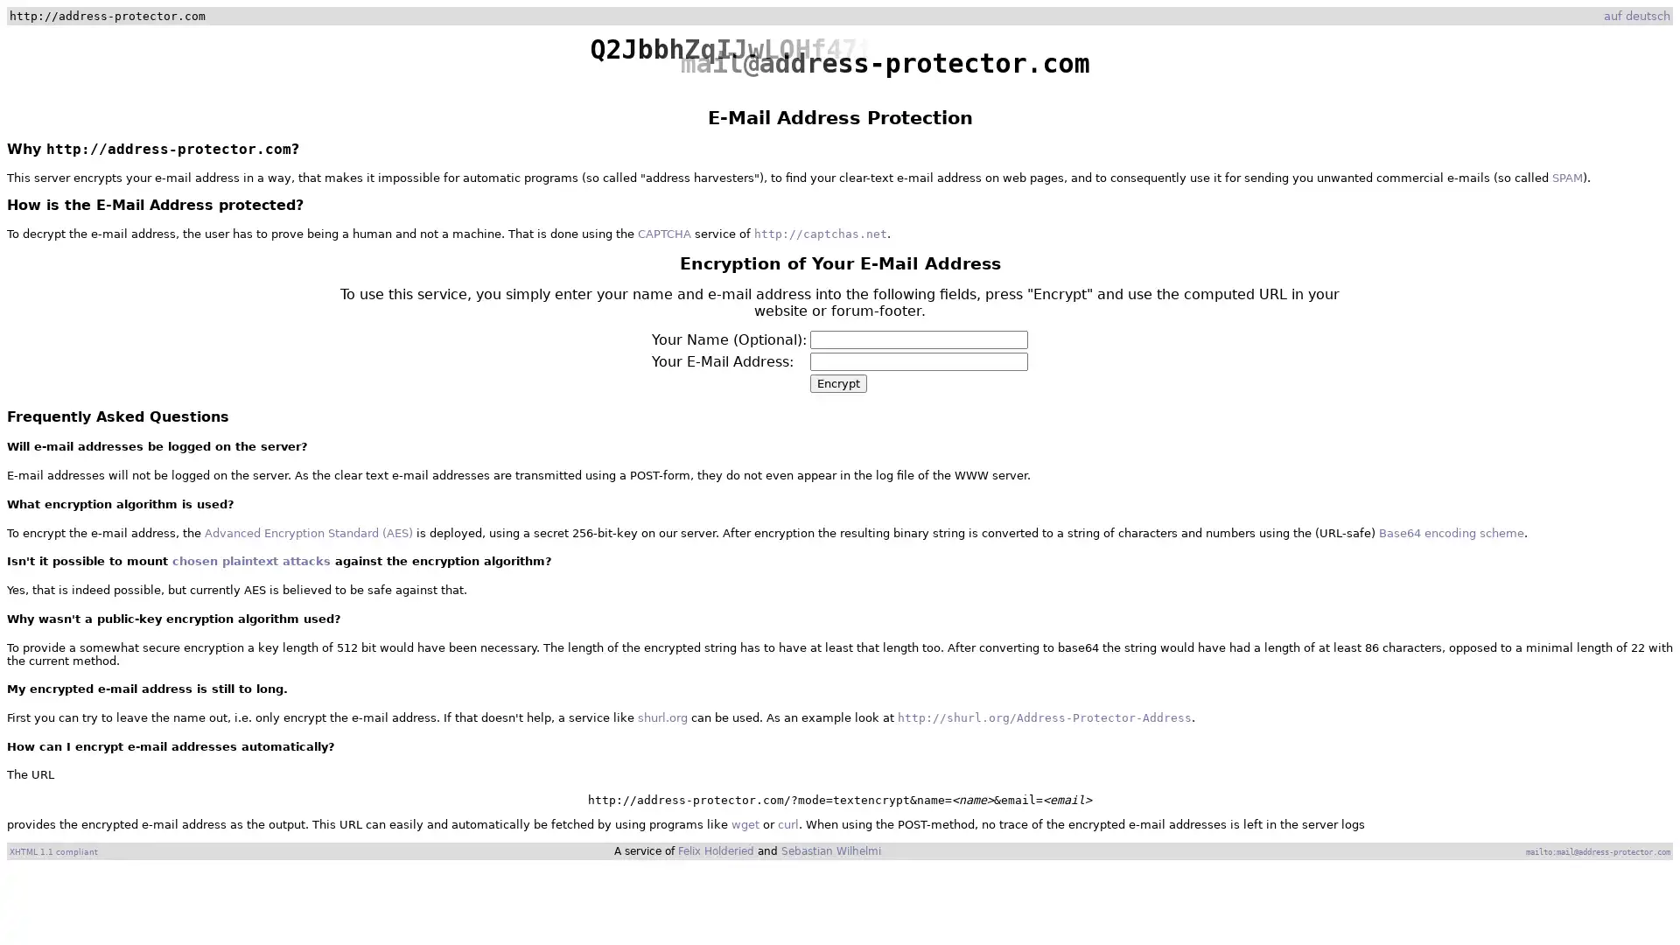 The image size is (1680, 945). What do you see at coordinates (837, 382) in the screenshot?
I see `Encrypt` at bounding box center [837, 382].